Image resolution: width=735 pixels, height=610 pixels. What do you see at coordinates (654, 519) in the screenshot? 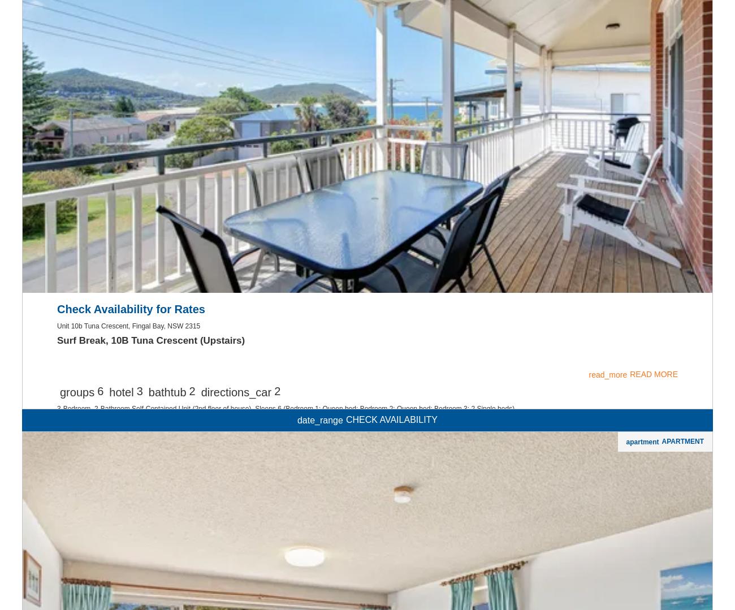
I see `'READ MORE'` at bounding box center [654, 519].